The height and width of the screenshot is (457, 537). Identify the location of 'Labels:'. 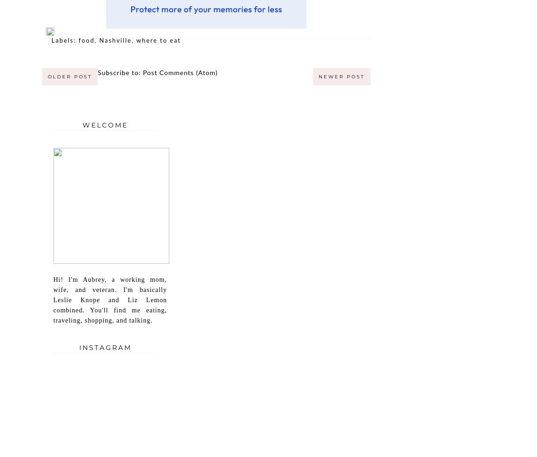
(64, 41).